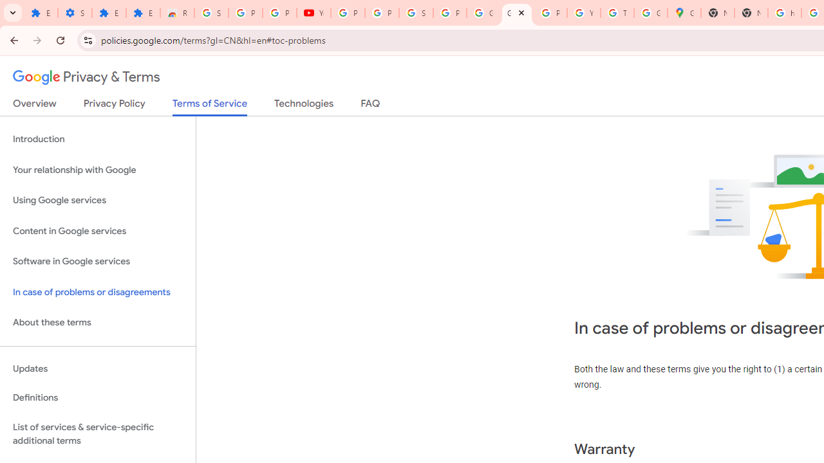 Image resolution: width=824 pixels, height=463 pixels. I want to click on 'About these terms', so click(97, 322).